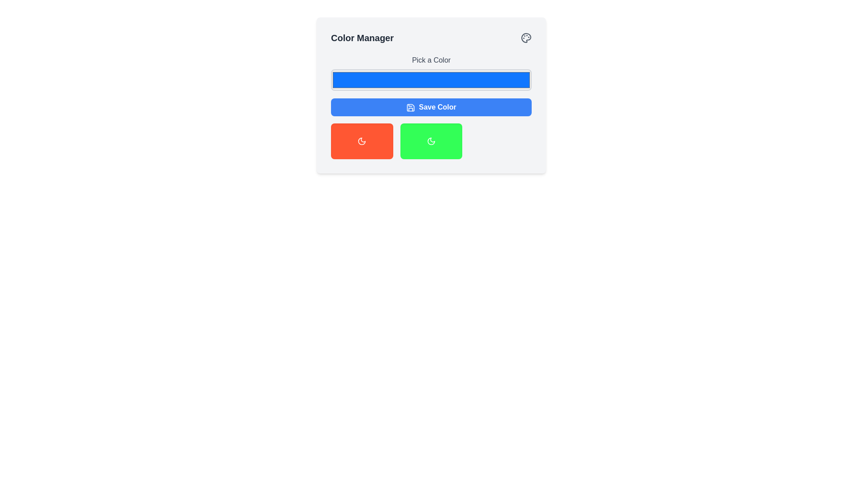  Describe the element at coordinates (431, 106) in the screenshot. I see `the 'Save Color' button with a blue background and white text` at that location.